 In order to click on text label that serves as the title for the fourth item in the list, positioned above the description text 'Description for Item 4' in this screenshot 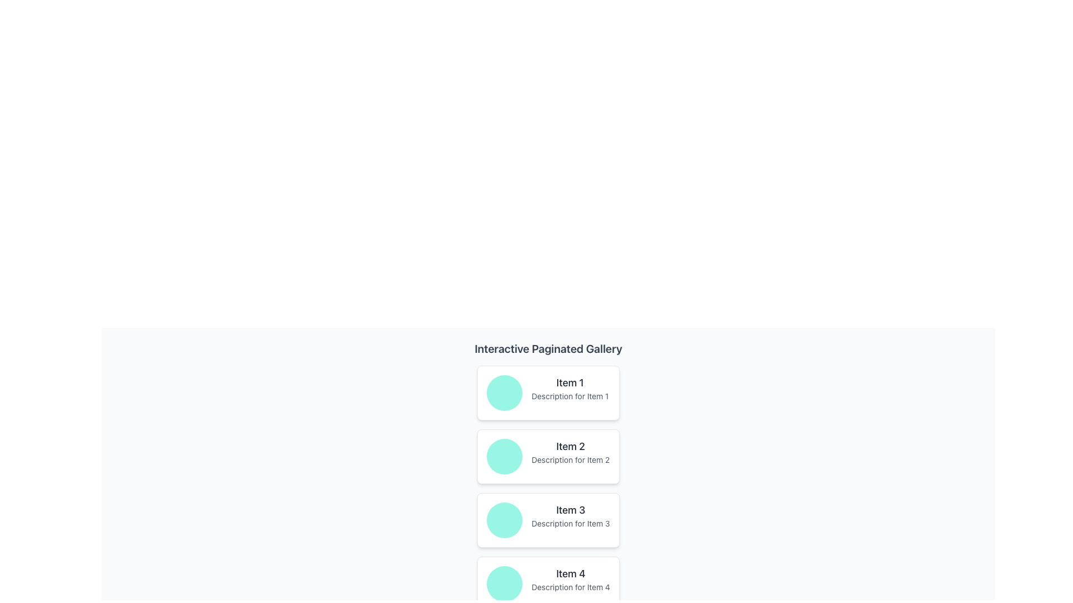, I will do `click(571, 574)`.